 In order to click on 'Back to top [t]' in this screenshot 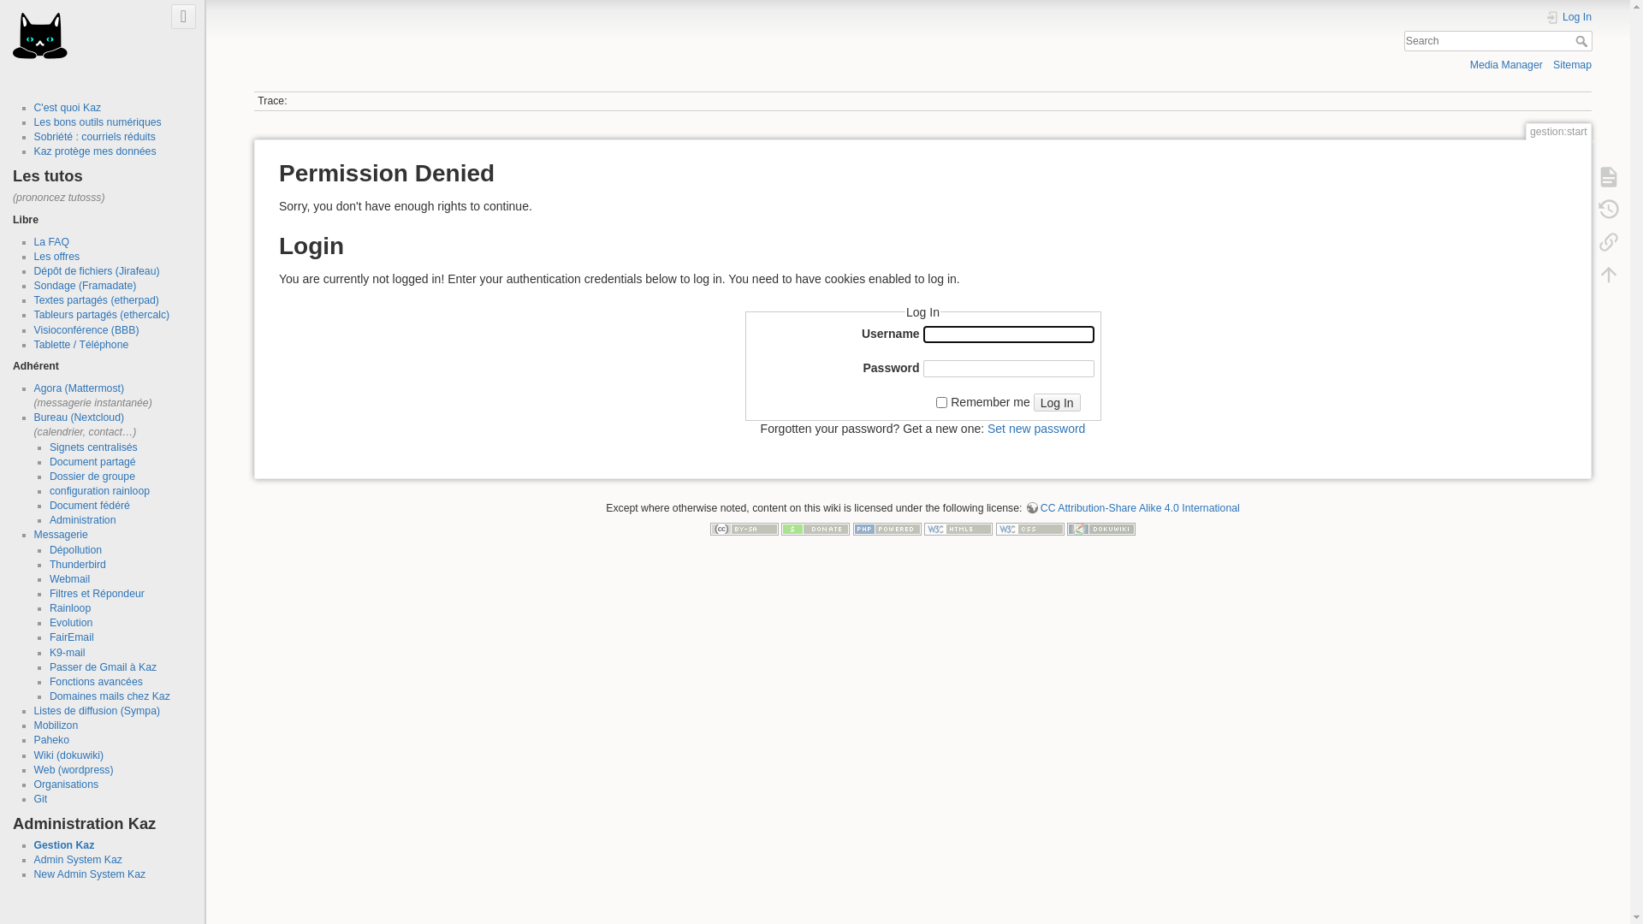, I will do `click(1608, 273)`.